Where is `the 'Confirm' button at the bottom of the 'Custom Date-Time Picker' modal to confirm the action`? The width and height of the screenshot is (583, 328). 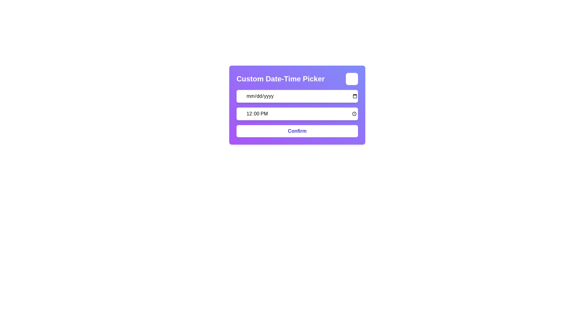 the 'Confirm' button at the bottom of the 'Custom Date-Time Picker' modal to confirm the action is located at coordinates (297, 131).